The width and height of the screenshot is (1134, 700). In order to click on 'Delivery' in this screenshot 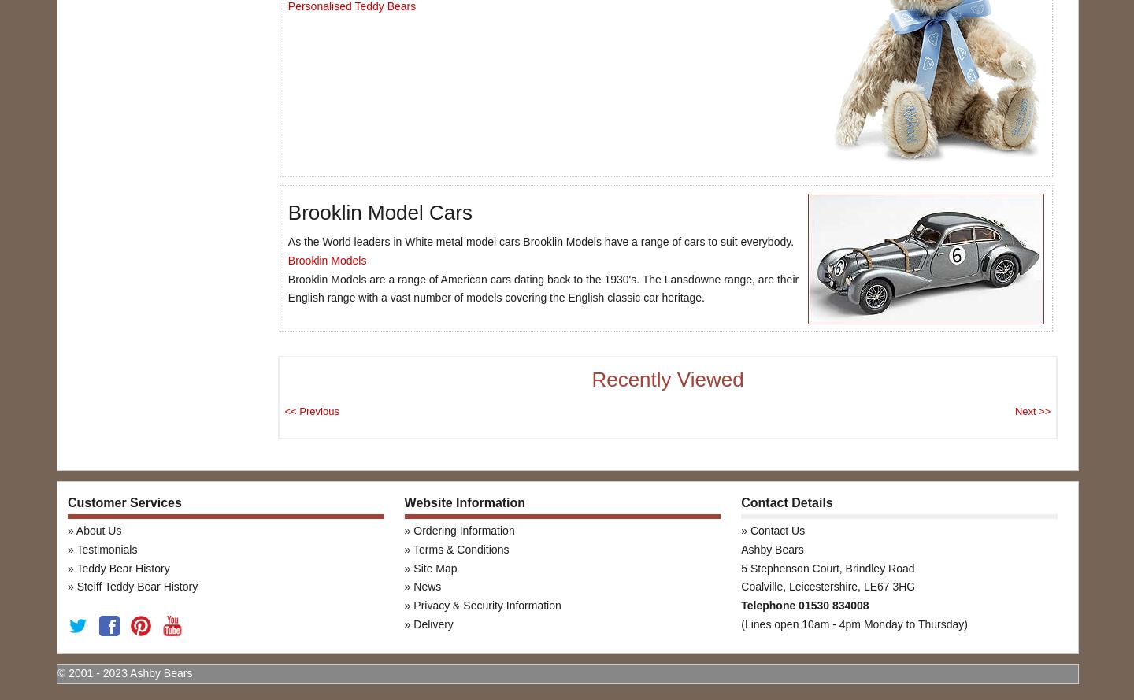, I will do `click(413, 624)`.